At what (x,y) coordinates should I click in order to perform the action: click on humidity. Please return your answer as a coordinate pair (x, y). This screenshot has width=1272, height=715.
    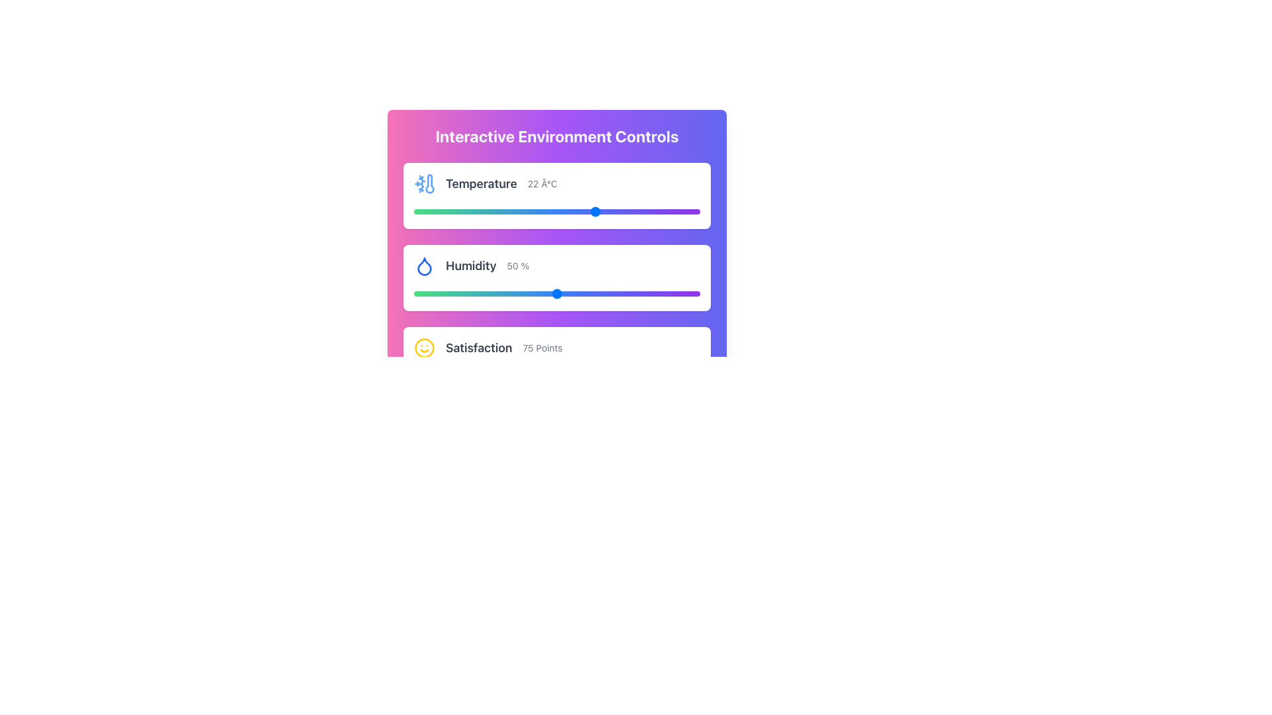
    Looking at the image, I should click on (496, 293).